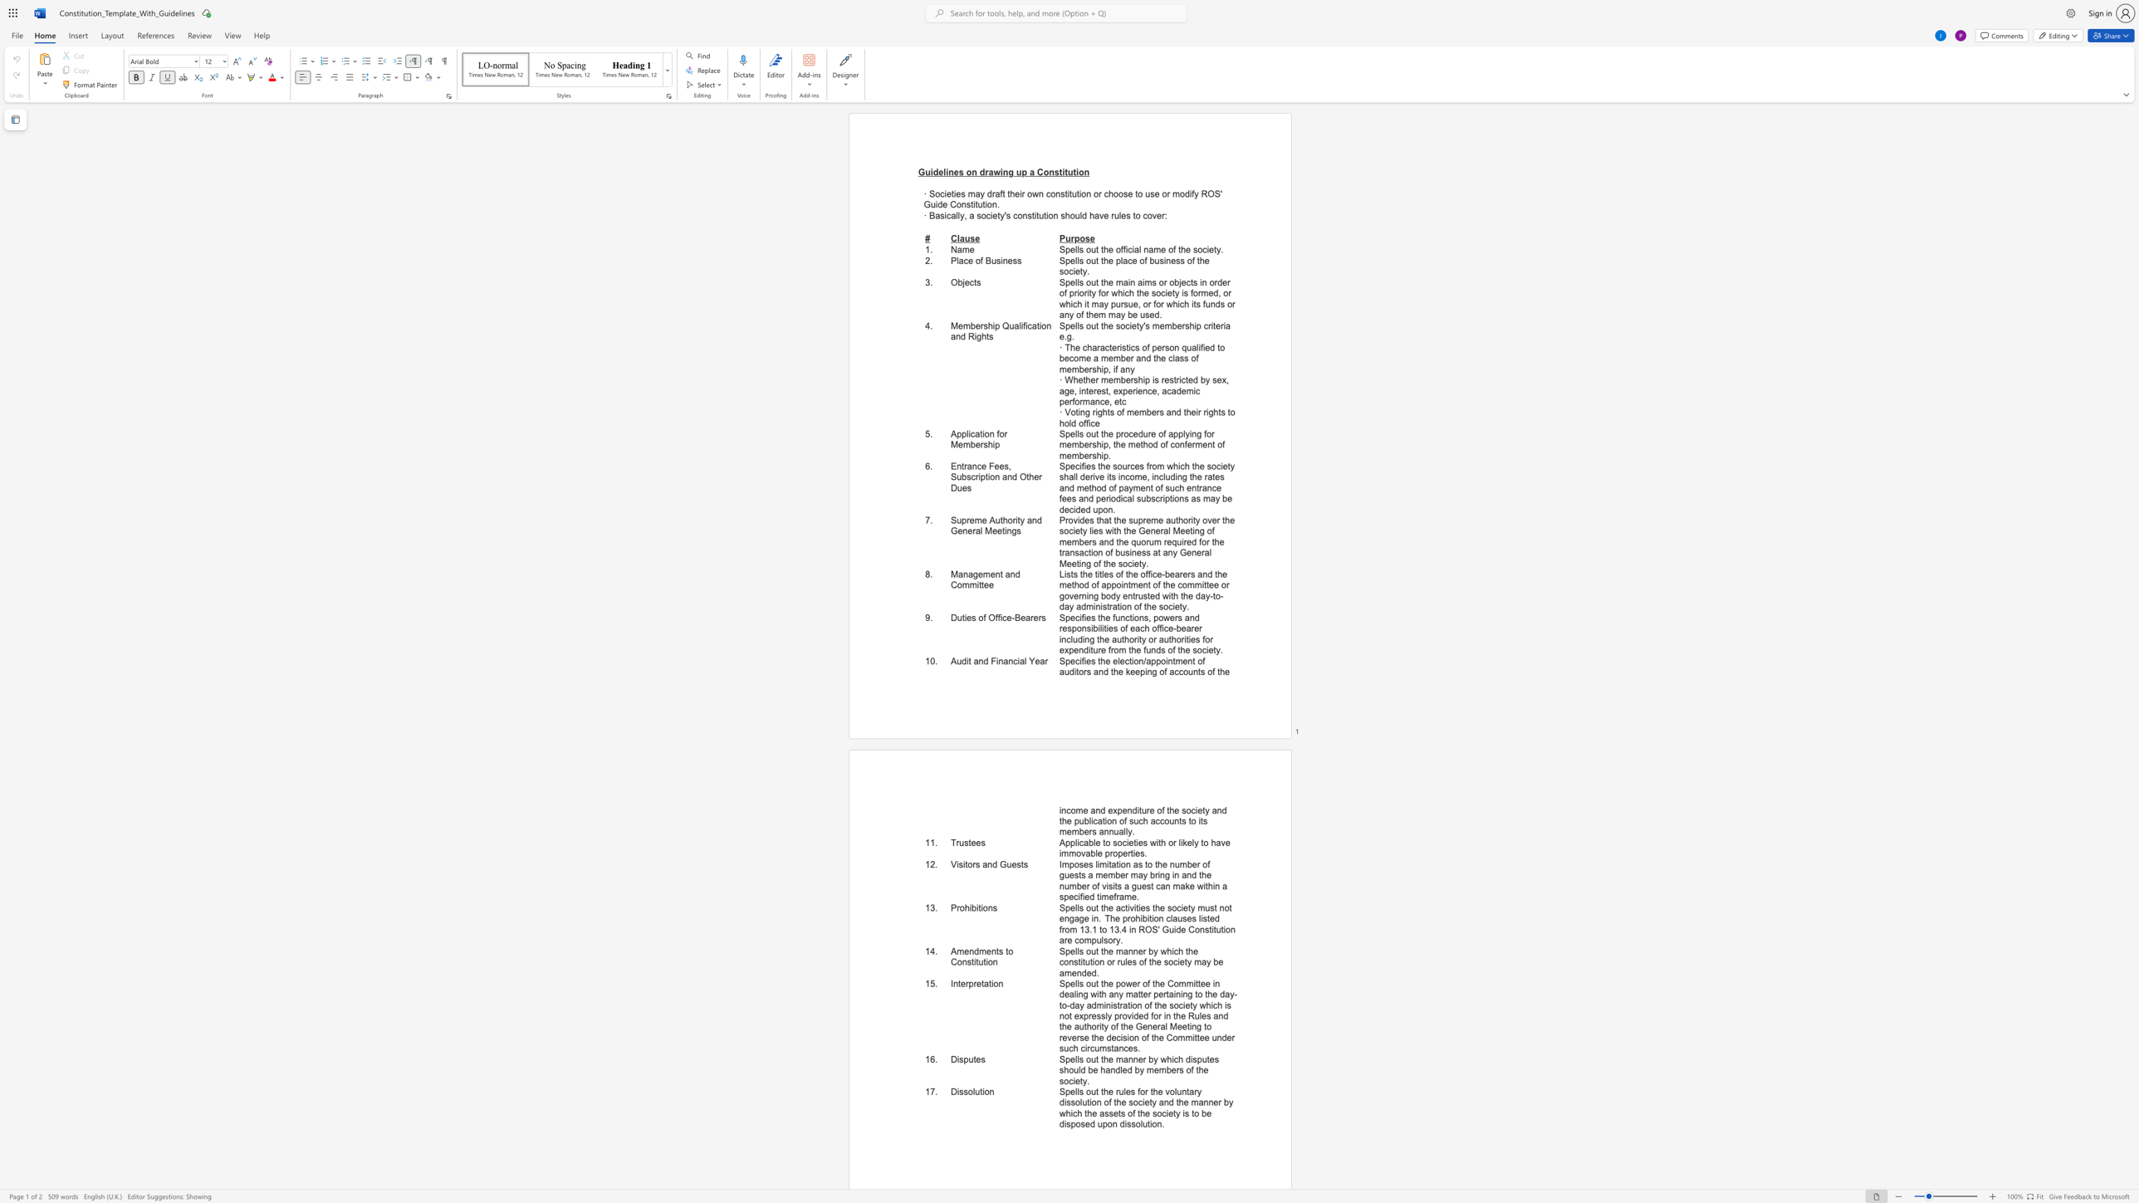 This screenshot has height=1203, width=2139. What do you see at coordinates (972, 982) in the screenshot?
I see `the subset text "retat" within the text "Interpretation"` at bounding box center [972, 982].